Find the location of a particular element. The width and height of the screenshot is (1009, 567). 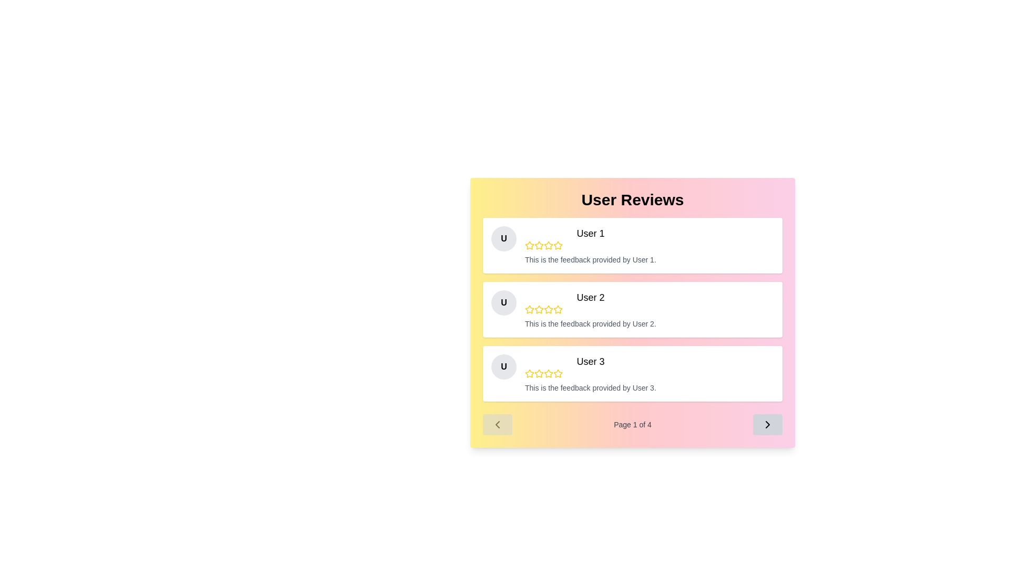

the third star icon in the star rating interface located in the 'User 3' review card is located at coordinates (530, 373).